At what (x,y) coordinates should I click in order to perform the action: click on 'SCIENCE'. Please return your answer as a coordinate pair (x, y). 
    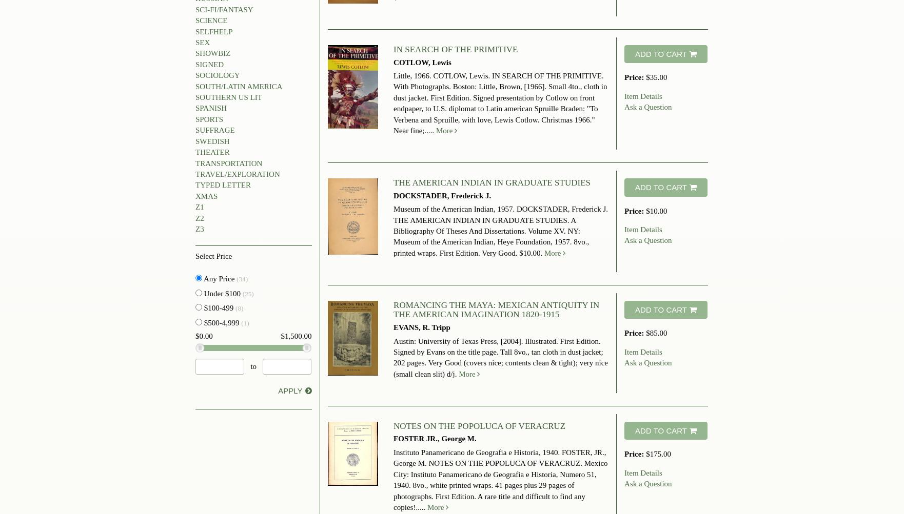
    Looking at the image, I should click on (211, 20).